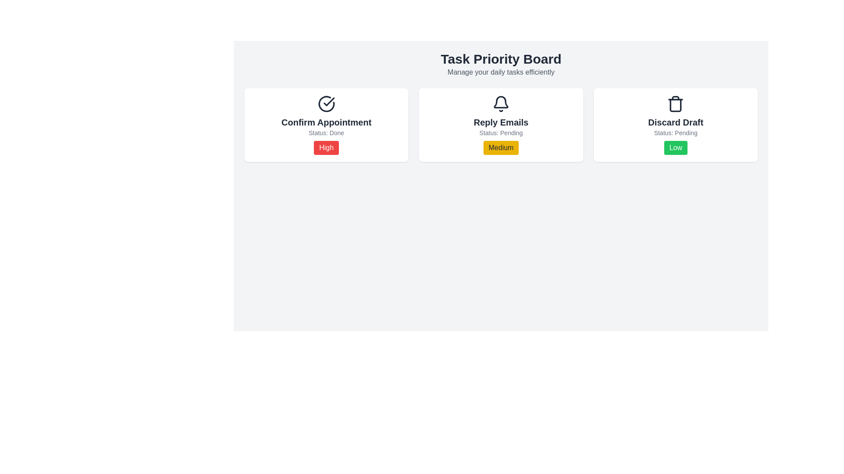 The height and width of the screenshot is (474, 844). I want to click on the 'Confirm Appointment' text label located at the upper center of the task card interface, positioned below the icon and above the status indicator that displays 'High', so click(326, 122).